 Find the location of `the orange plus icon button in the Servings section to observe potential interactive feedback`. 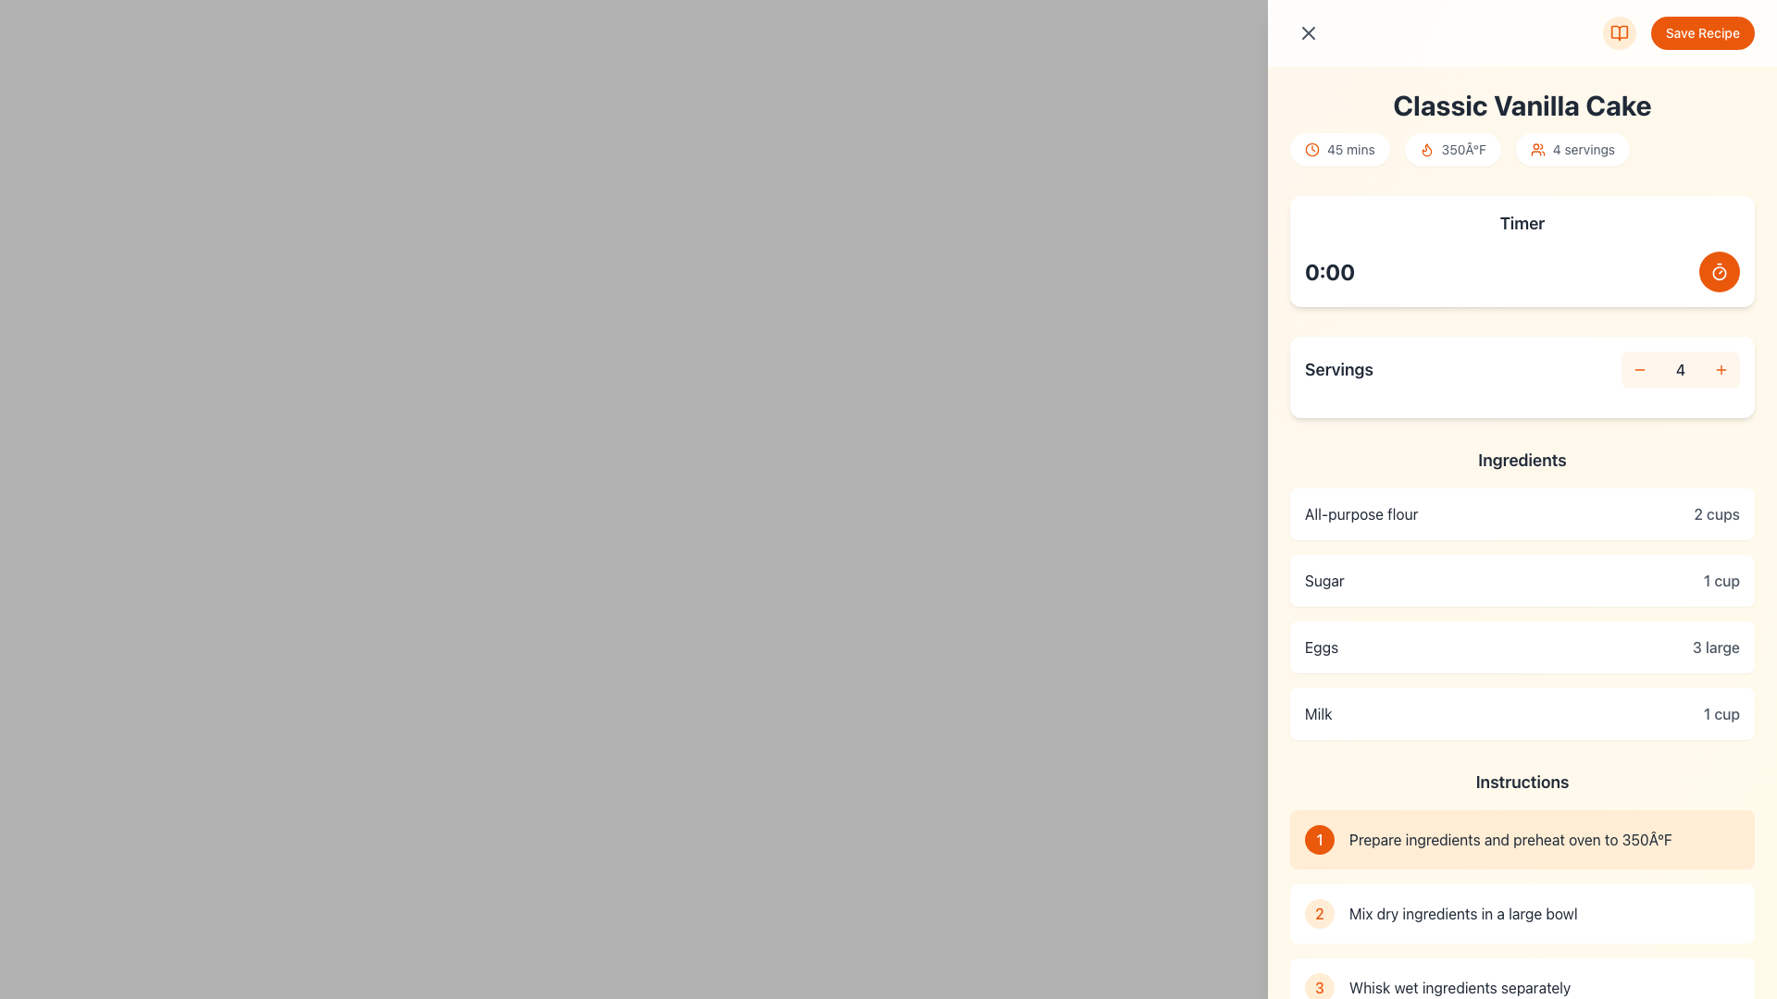

the orange plus icon button in the Servings section to observe potential interactive feedback is located at coordinates (1721, 370).